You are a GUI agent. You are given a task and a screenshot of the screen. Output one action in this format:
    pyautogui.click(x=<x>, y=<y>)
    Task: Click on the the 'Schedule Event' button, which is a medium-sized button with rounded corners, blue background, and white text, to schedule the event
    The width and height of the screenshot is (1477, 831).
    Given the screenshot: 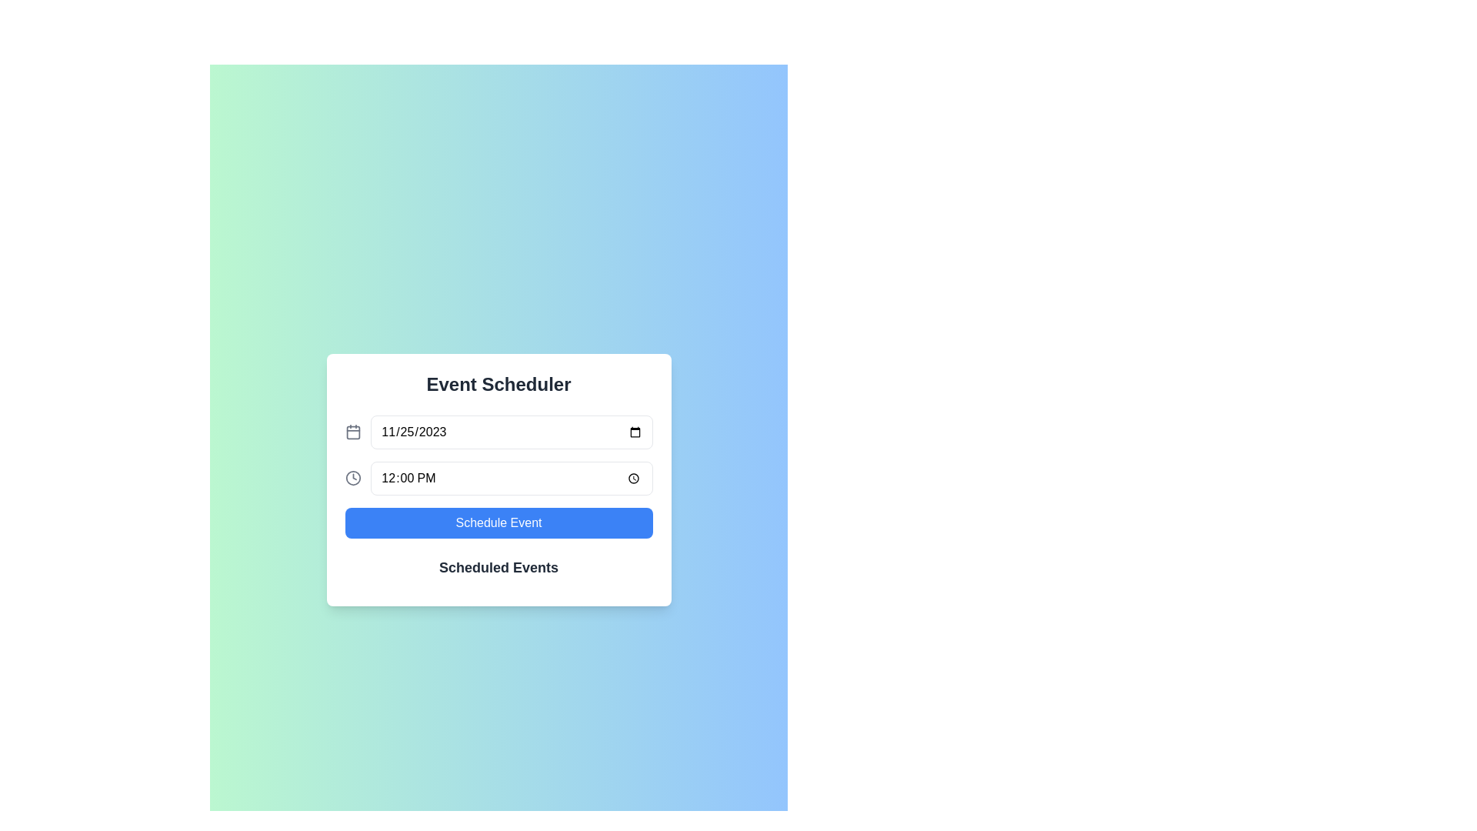 What is the action you would take?
    pyautogui.click(x=498, y=522)
    